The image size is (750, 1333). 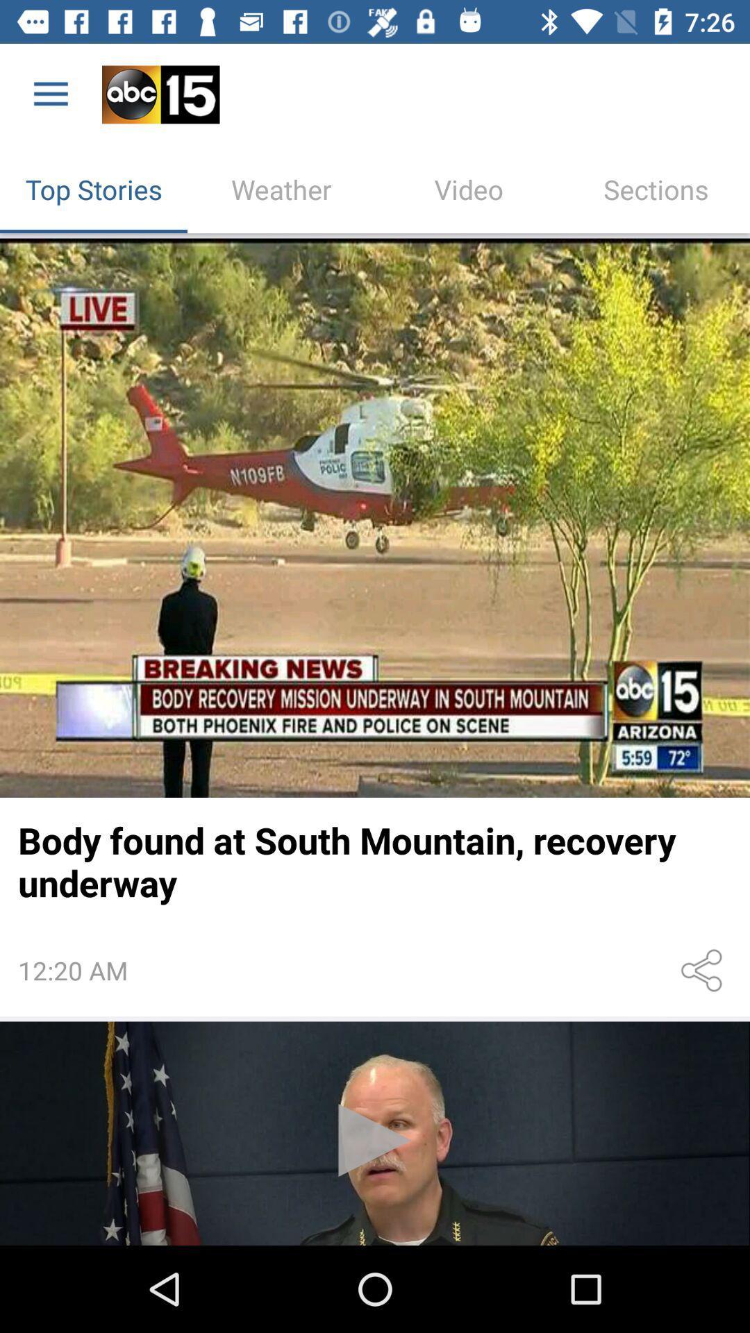 I want to click on play option, so click(x=375, y=1133).